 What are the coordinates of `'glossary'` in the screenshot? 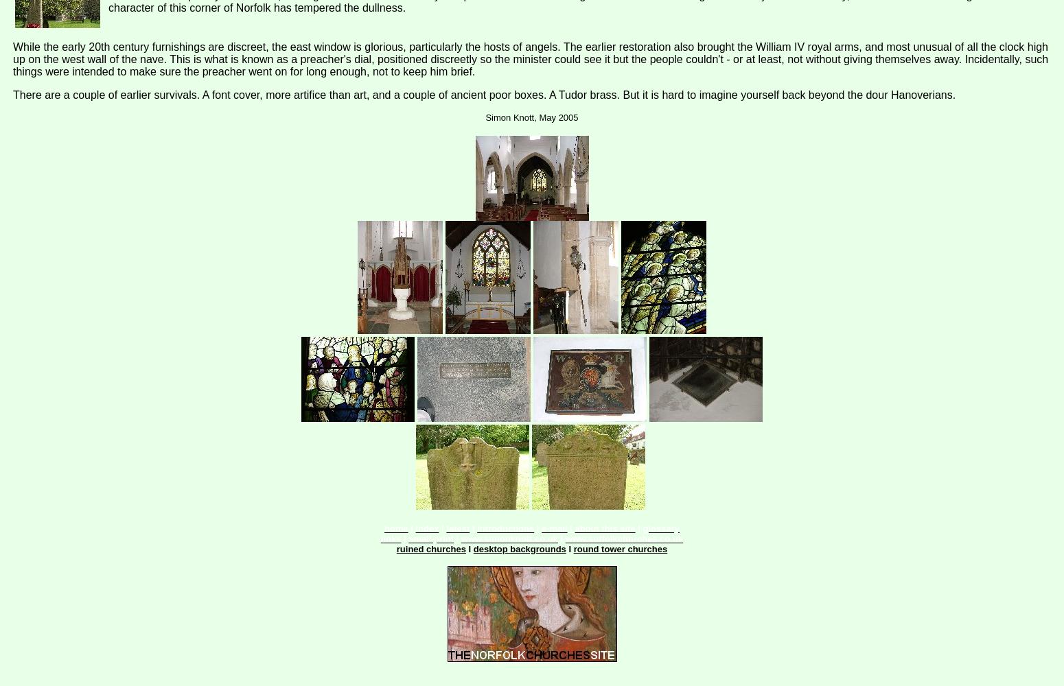 It's located at (660, 528).